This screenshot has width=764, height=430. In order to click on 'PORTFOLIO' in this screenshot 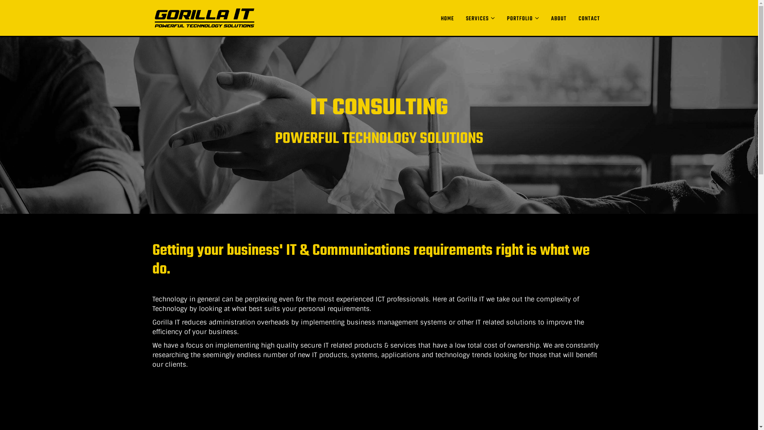, I will do `click(522, 18)`.